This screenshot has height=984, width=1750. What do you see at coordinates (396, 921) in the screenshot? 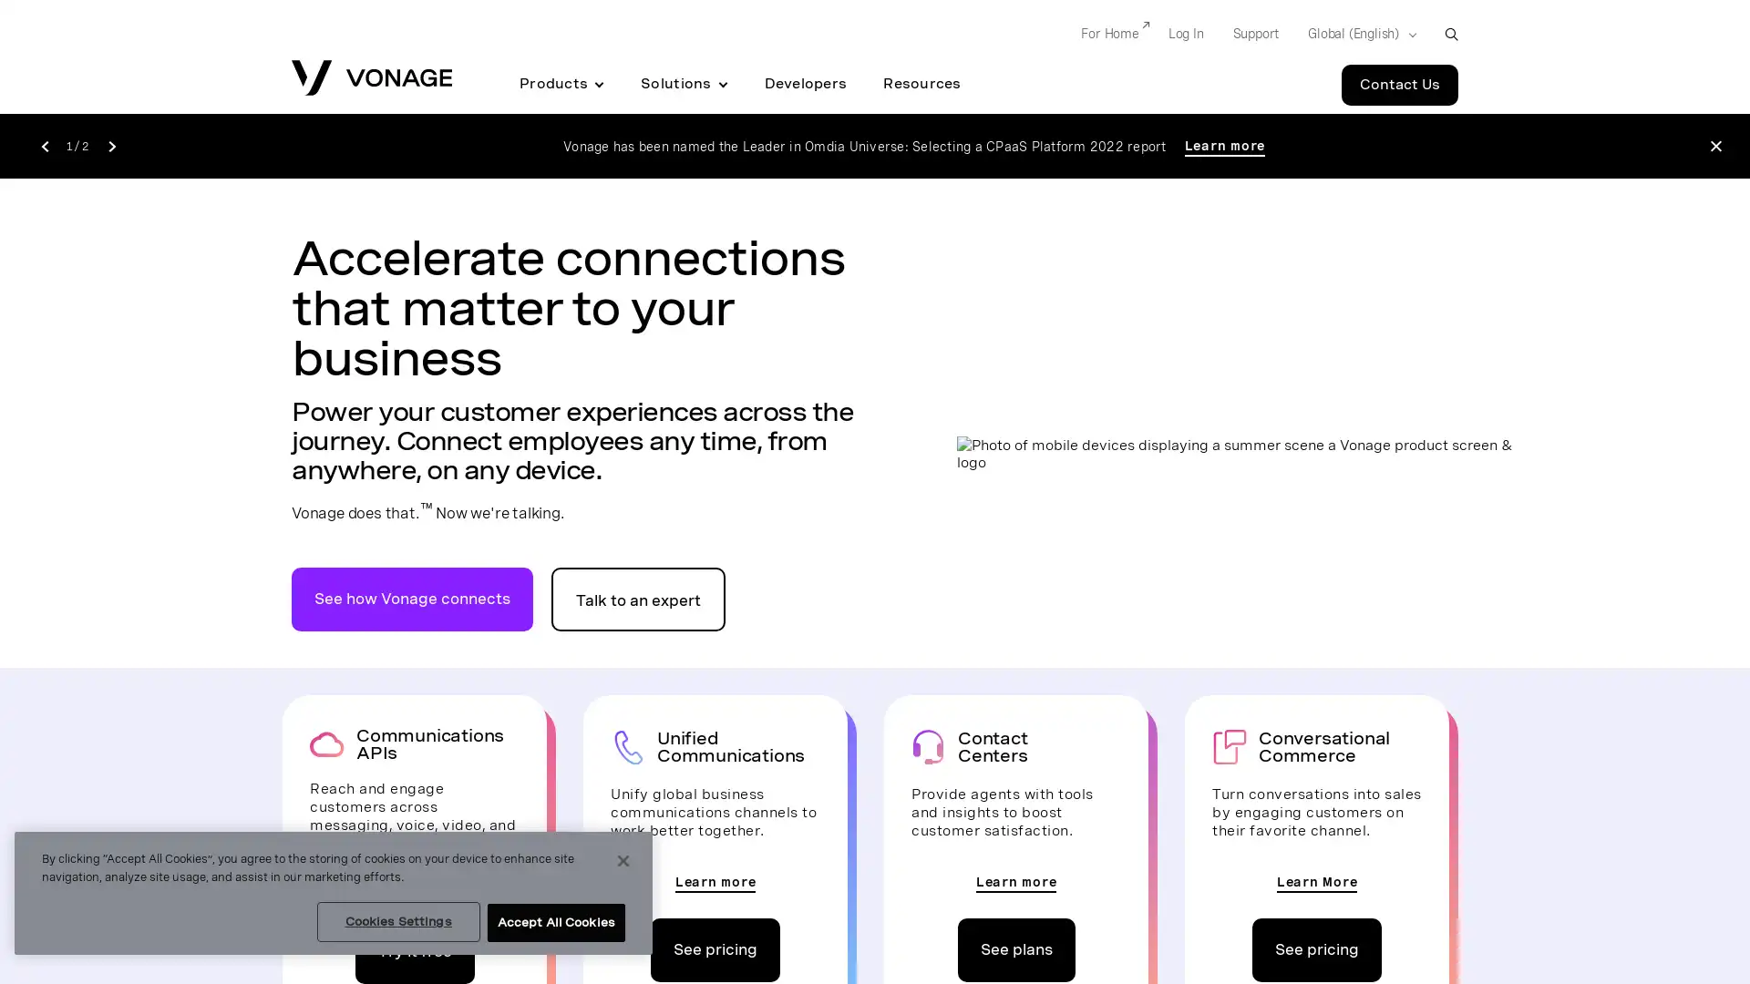
I see `Cookies Settings` at bounding box center [396, 921].